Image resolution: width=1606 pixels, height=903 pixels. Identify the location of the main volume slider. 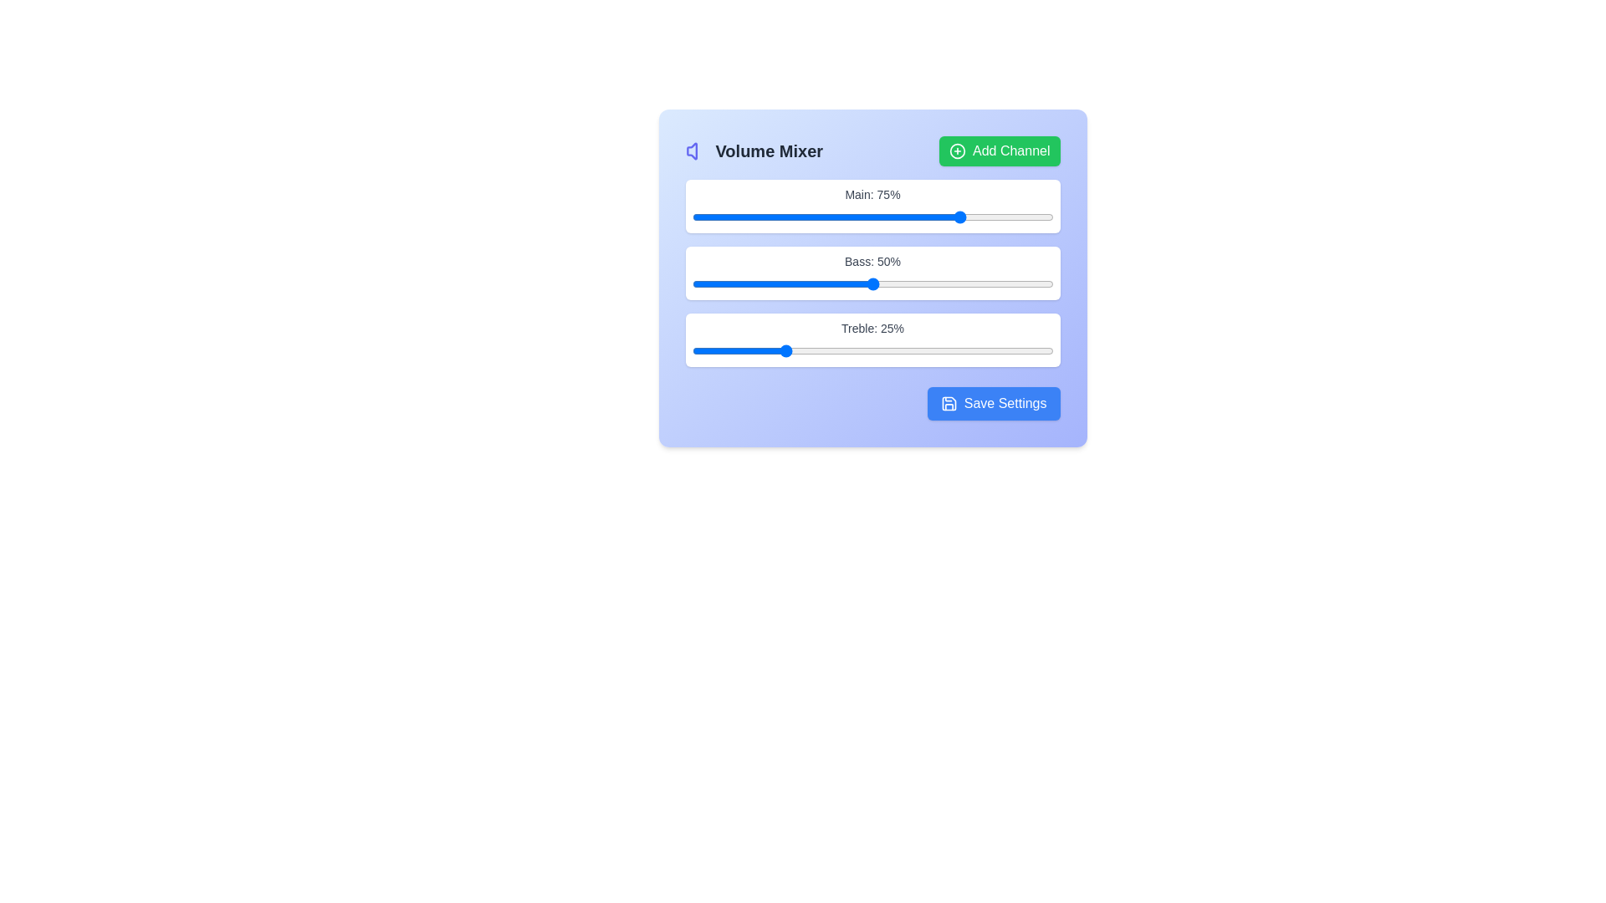
(1003, 216).